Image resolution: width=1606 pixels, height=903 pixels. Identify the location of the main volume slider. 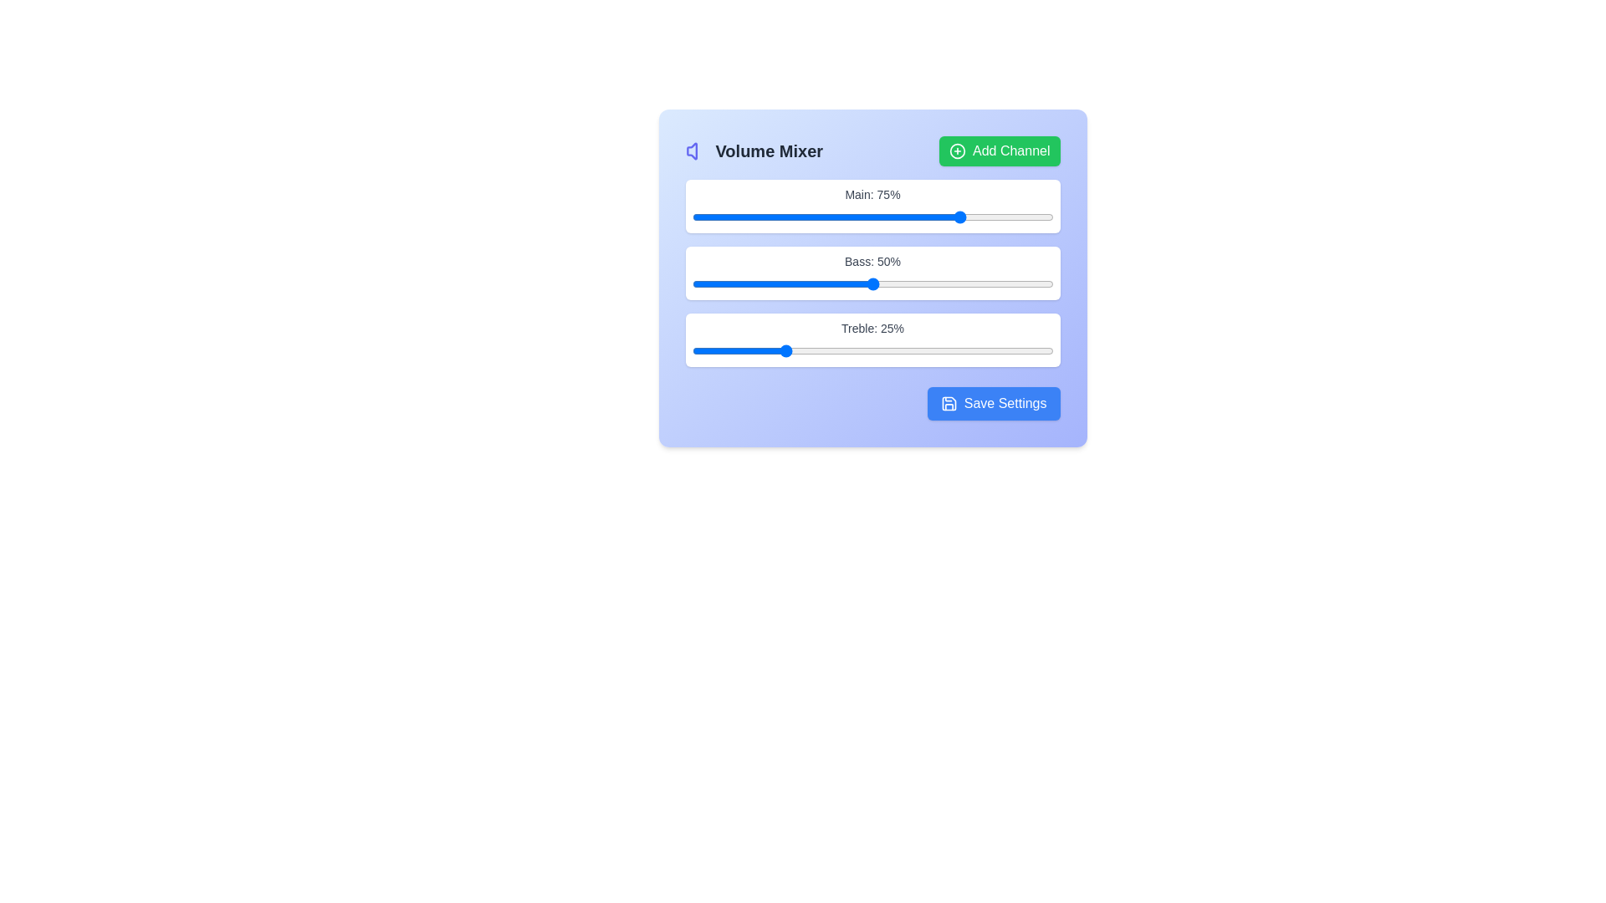
(1003, 216).